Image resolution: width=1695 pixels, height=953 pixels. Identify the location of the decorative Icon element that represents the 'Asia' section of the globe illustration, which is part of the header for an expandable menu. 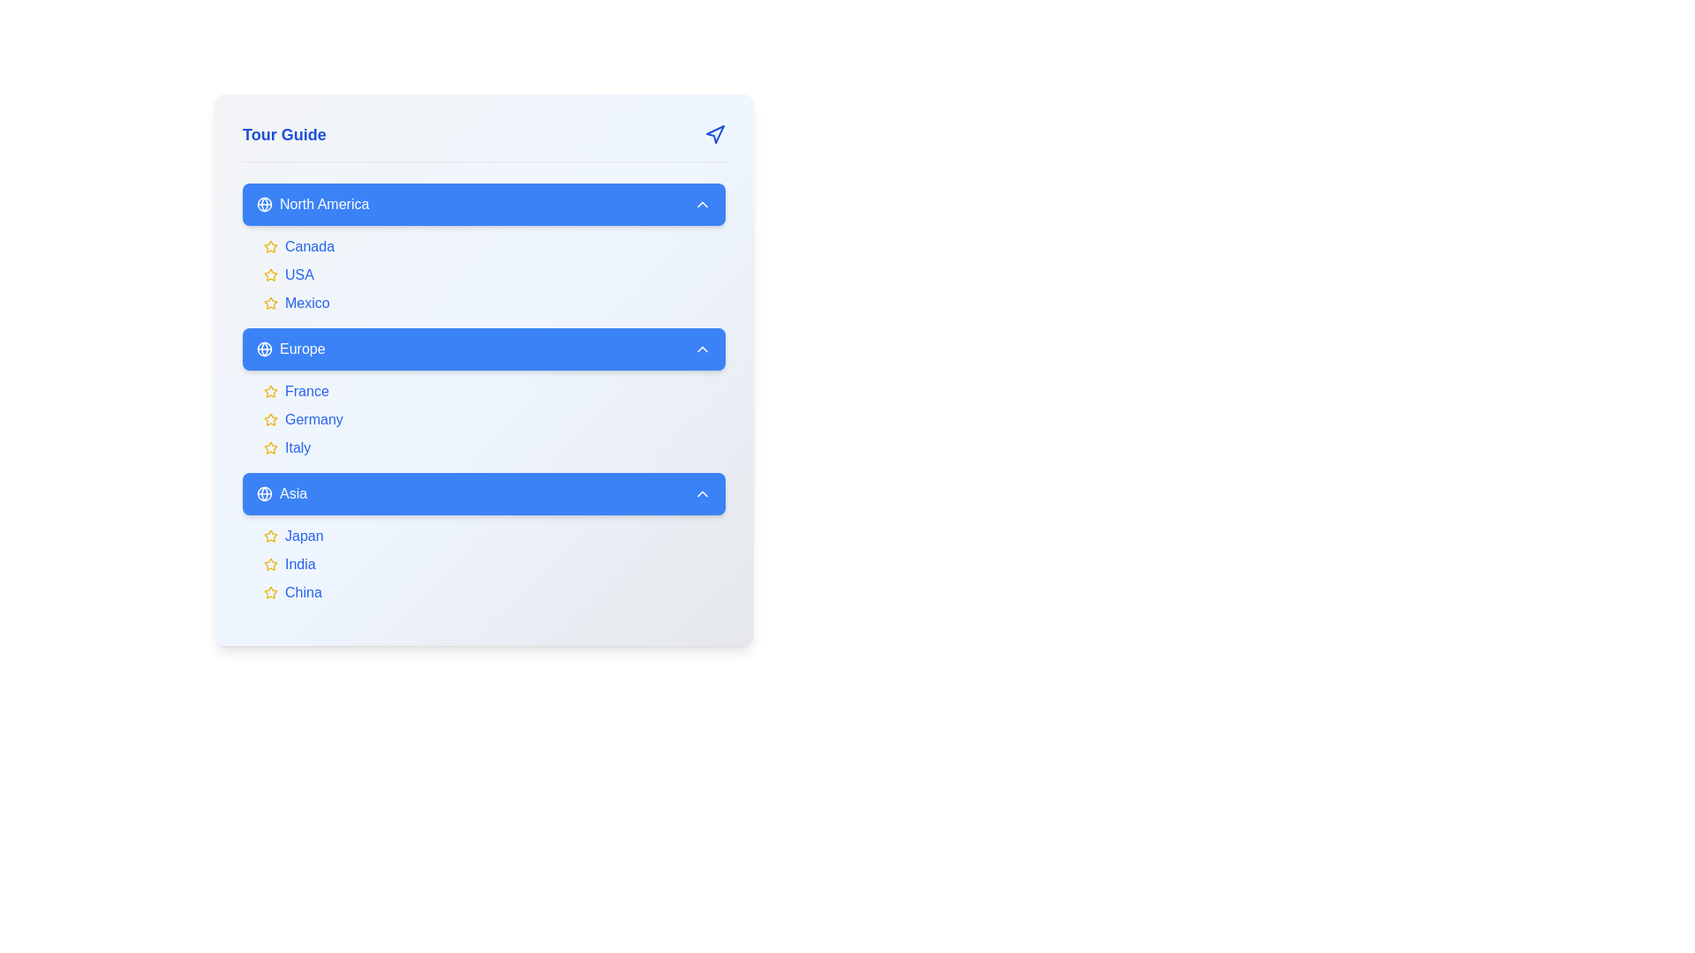
(263, 493).